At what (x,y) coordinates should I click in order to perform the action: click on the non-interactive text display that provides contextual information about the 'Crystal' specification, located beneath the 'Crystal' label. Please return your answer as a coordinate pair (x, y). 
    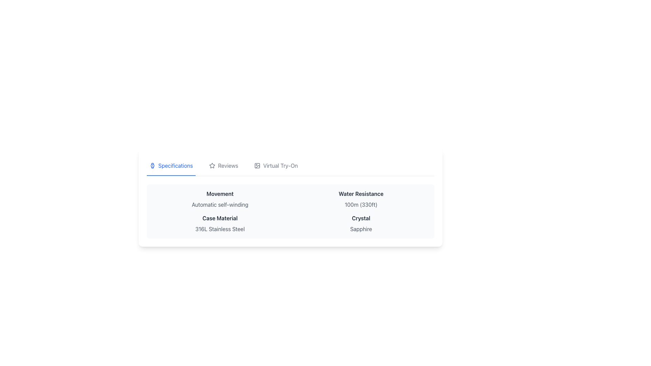
    Looking at the image, I should click on (361, 229).